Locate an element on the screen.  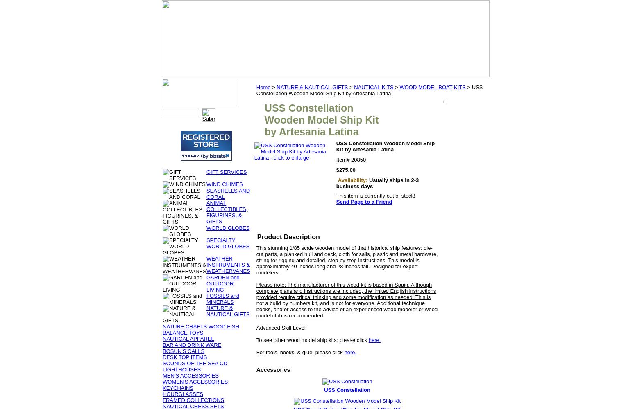
'NATURE CRAFTS WOOD FISH' is located at coordinates (200, 326).